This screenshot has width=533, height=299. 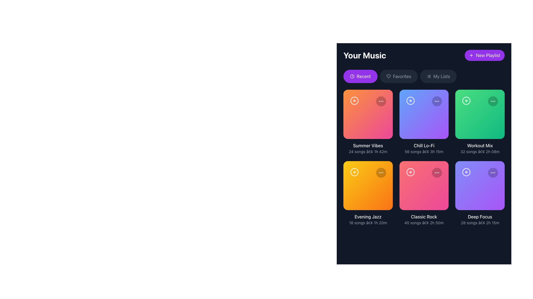 What do you see at coordinates (493, 101) in the screenshot?
I see `the button with an icon located in the top-right corner of the 'Workout Mix' block` at bounding box center [493, 101].